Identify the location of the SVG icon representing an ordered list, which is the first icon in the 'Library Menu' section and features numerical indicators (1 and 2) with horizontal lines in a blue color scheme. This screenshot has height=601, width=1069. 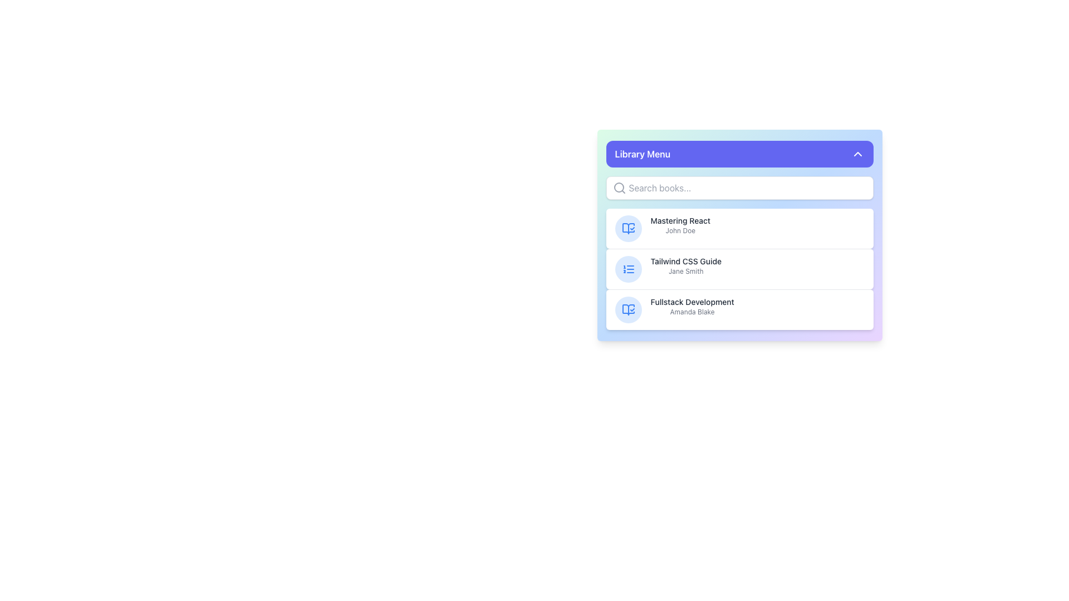
(628, 269).